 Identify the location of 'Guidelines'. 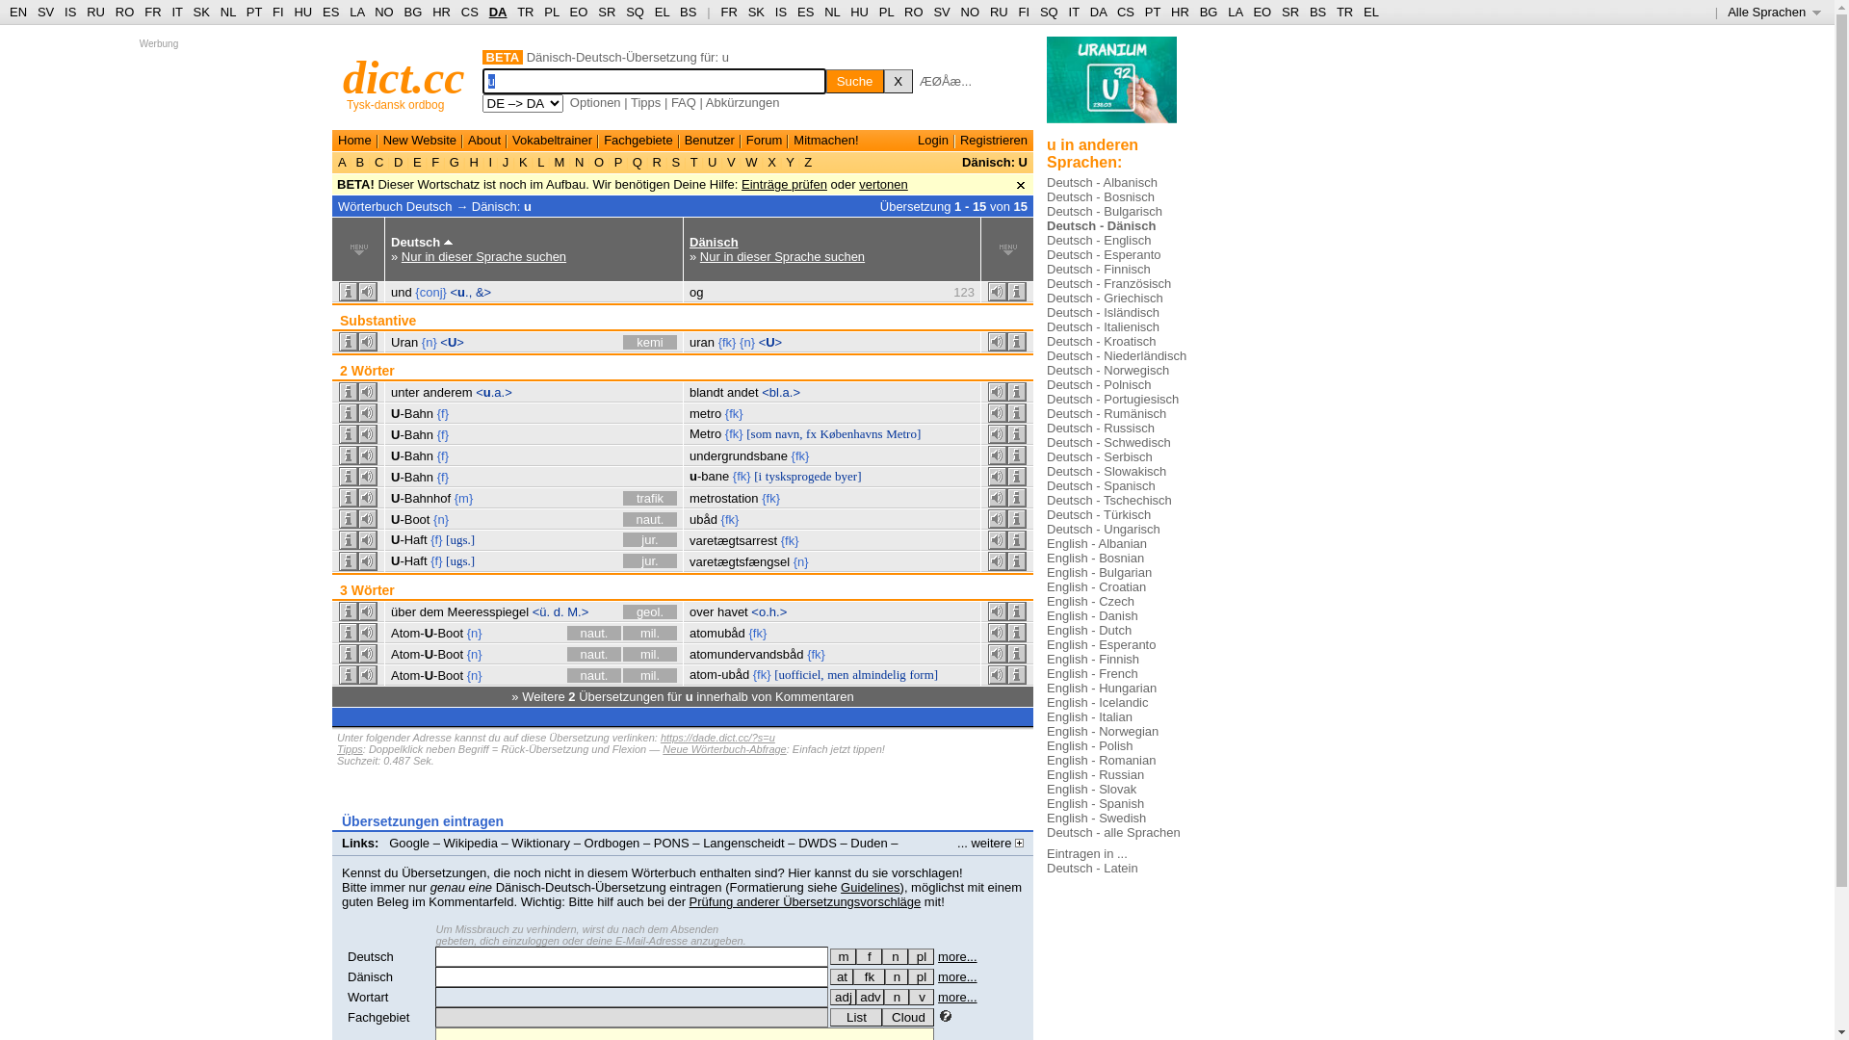
(841, 887).